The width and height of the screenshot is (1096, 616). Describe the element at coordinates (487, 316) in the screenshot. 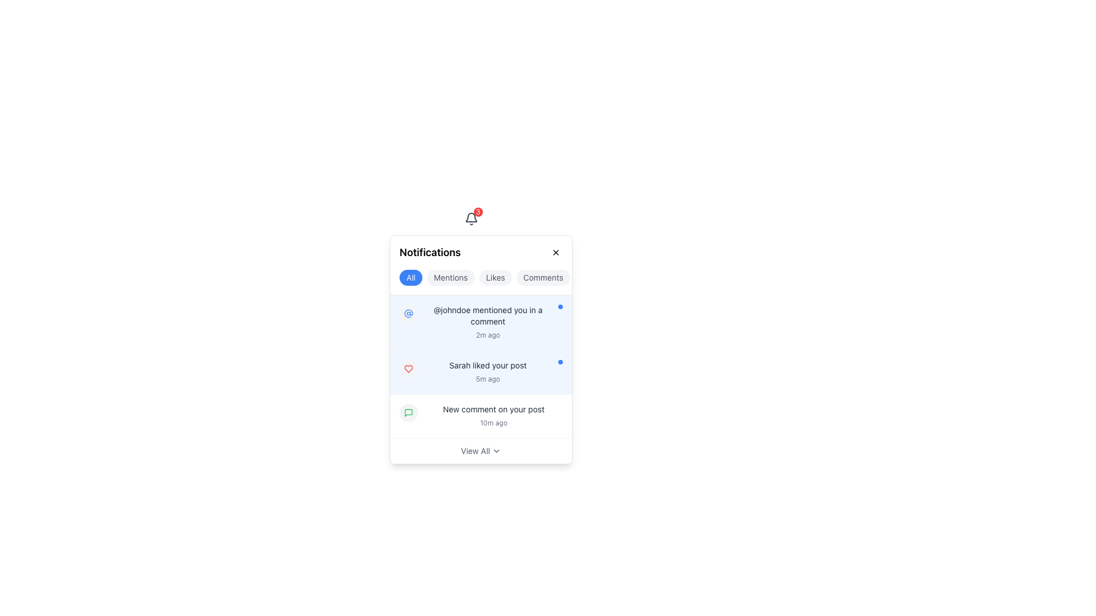

I see `the static text notification message reading '@johndoe mentioned you in a comment' to visually associate it with its timestamp '2m ago' below it` at that location.